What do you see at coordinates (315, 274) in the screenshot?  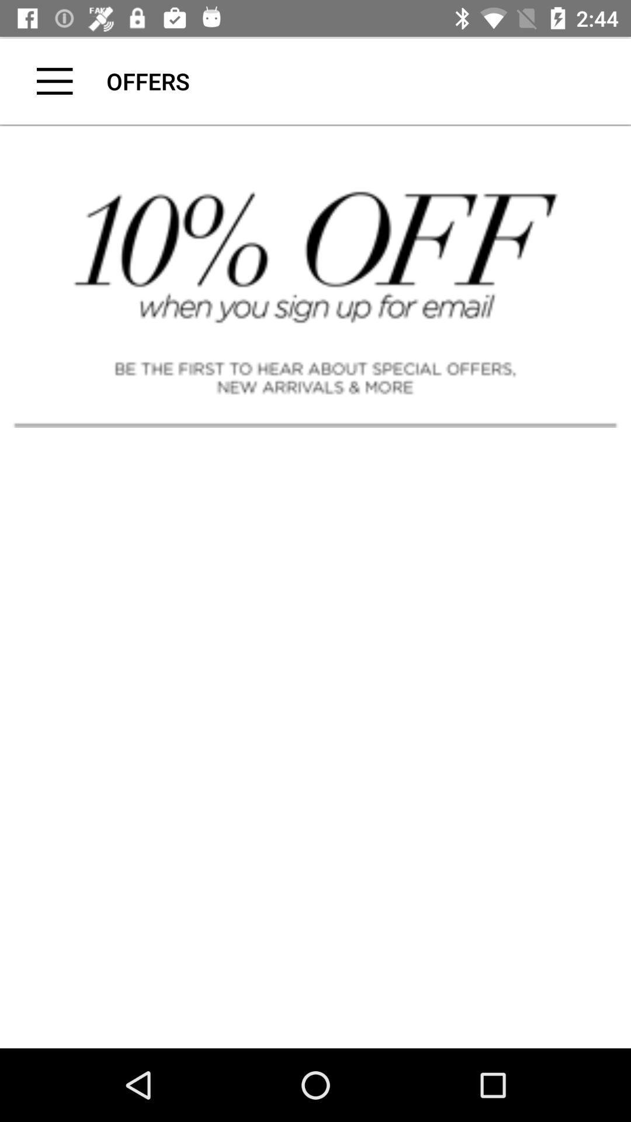 I see `cick discount advertisement` at bounding box center [315, 274].